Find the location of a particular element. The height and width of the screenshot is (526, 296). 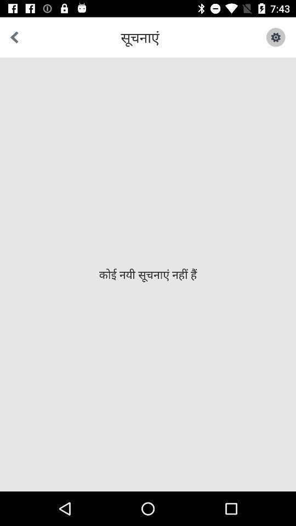

the icon at the top right corner is located at coordinates (269, 37).